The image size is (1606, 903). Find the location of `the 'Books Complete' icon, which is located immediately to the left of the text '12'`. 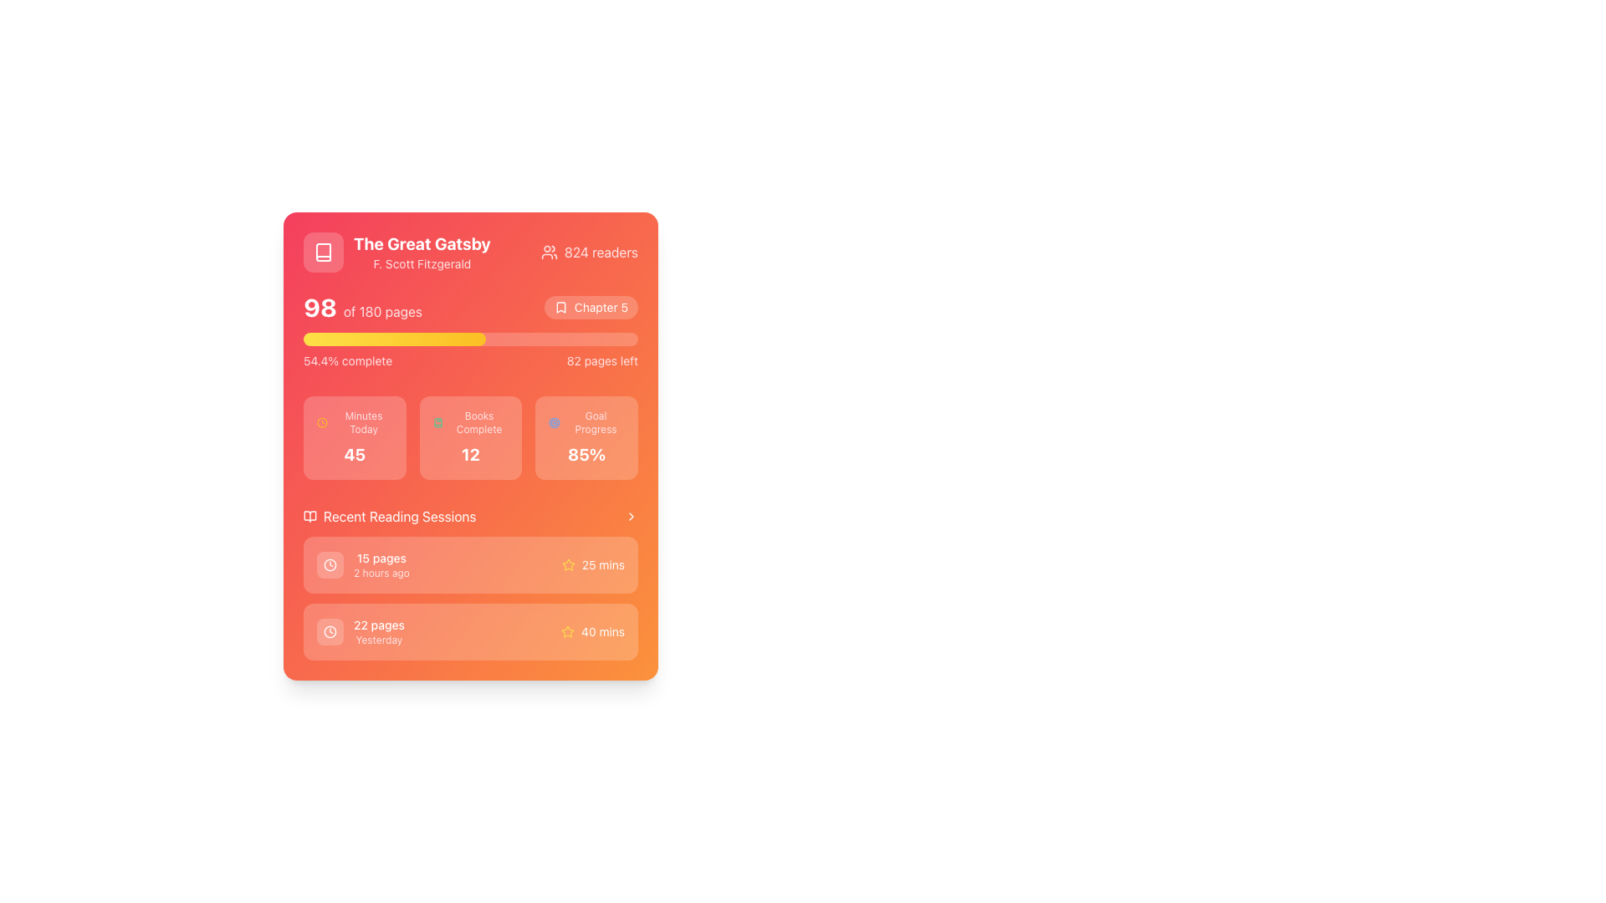

the 'Books Complete' icon, which is located immediately to the left of the text '12' is located at coordinates (437, 421).